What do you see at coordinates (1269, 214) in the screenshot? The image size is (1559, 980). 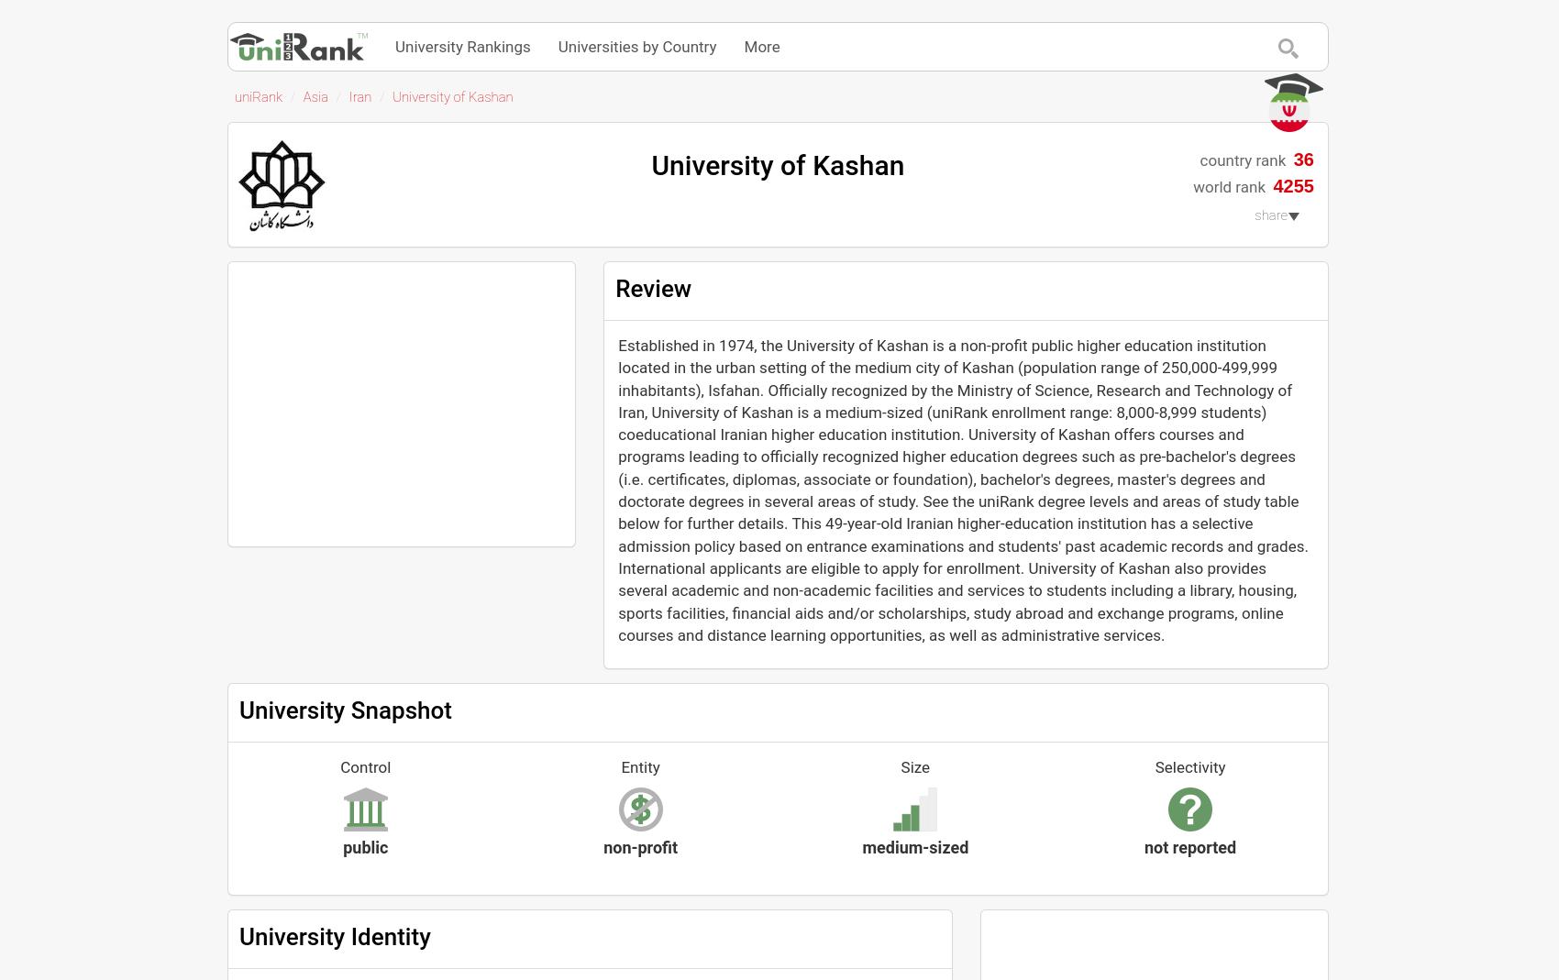 I see `'share'` at bounding box center [1269, 214].